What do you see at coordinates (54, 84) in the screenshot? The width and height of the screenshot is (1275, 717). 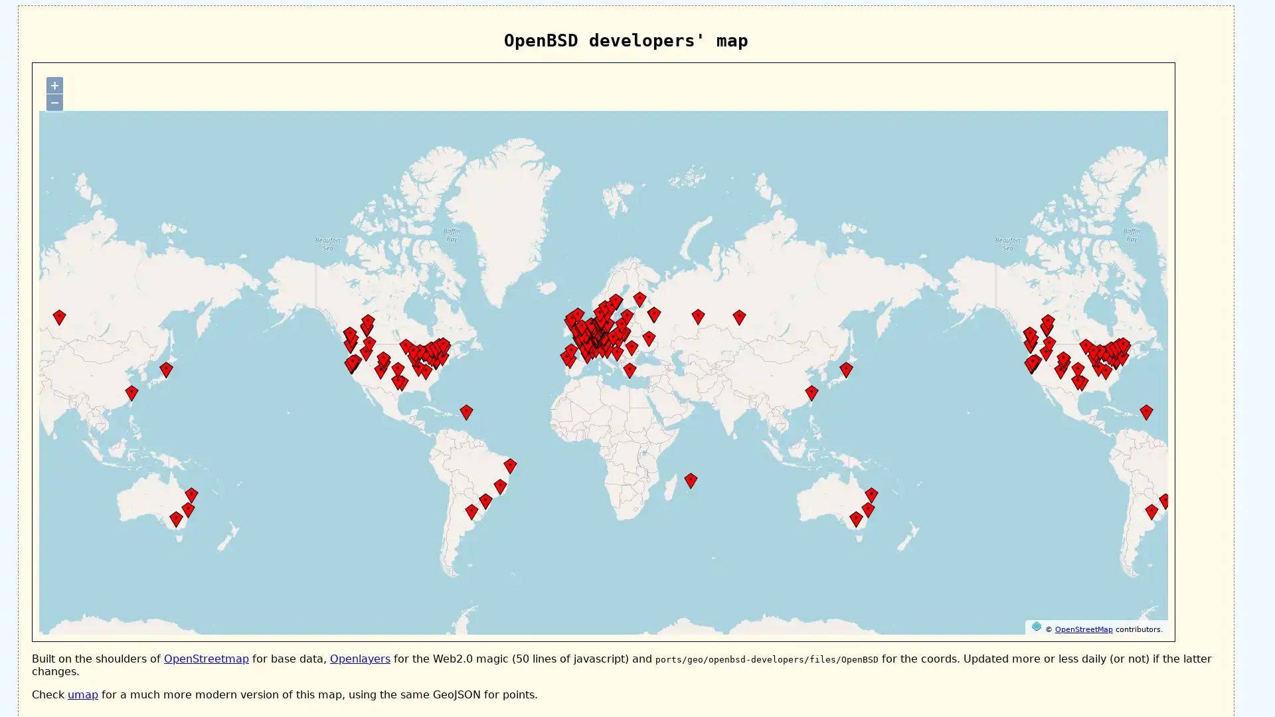 I see `+` at bounding box center [54, 84].